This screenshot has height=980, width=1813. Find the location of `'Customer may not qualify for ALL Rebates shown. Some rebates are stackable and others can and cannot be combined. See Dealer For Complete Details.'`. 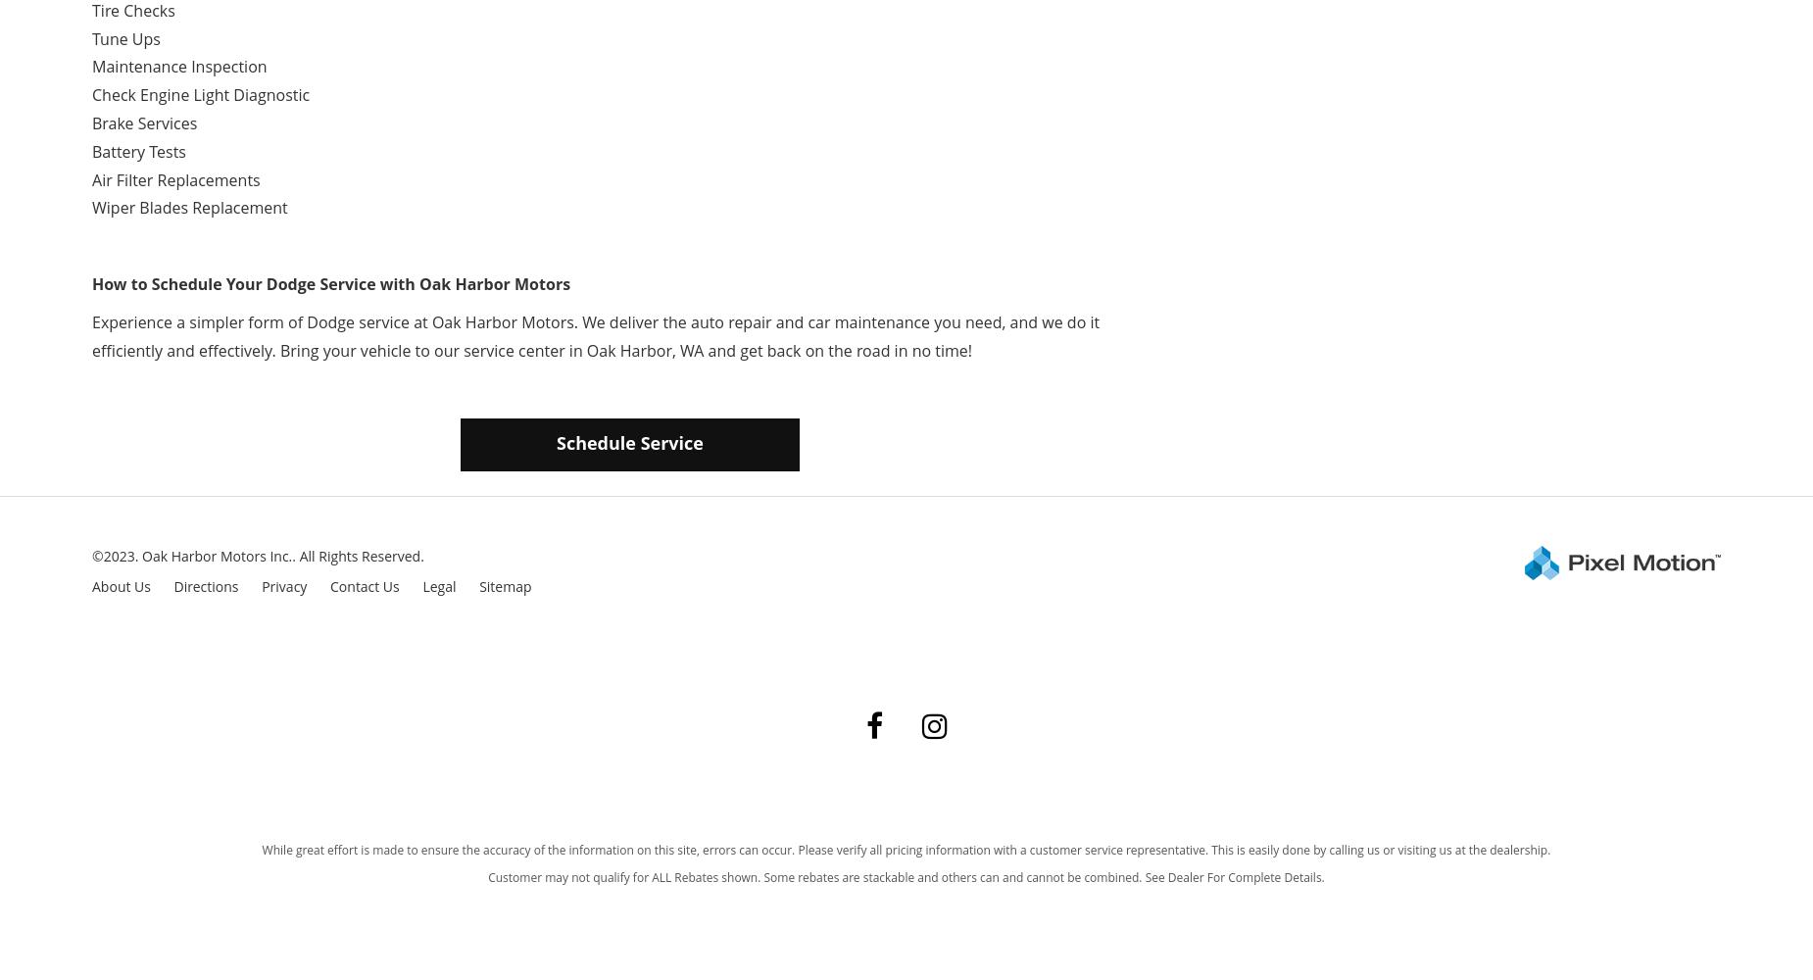

'Customer may not qualify for ALL Rebates shown. Some rebates are stackable and others can and cannot be combined. See Dealer For Complete Details.' is located at coordinates (906, 877).